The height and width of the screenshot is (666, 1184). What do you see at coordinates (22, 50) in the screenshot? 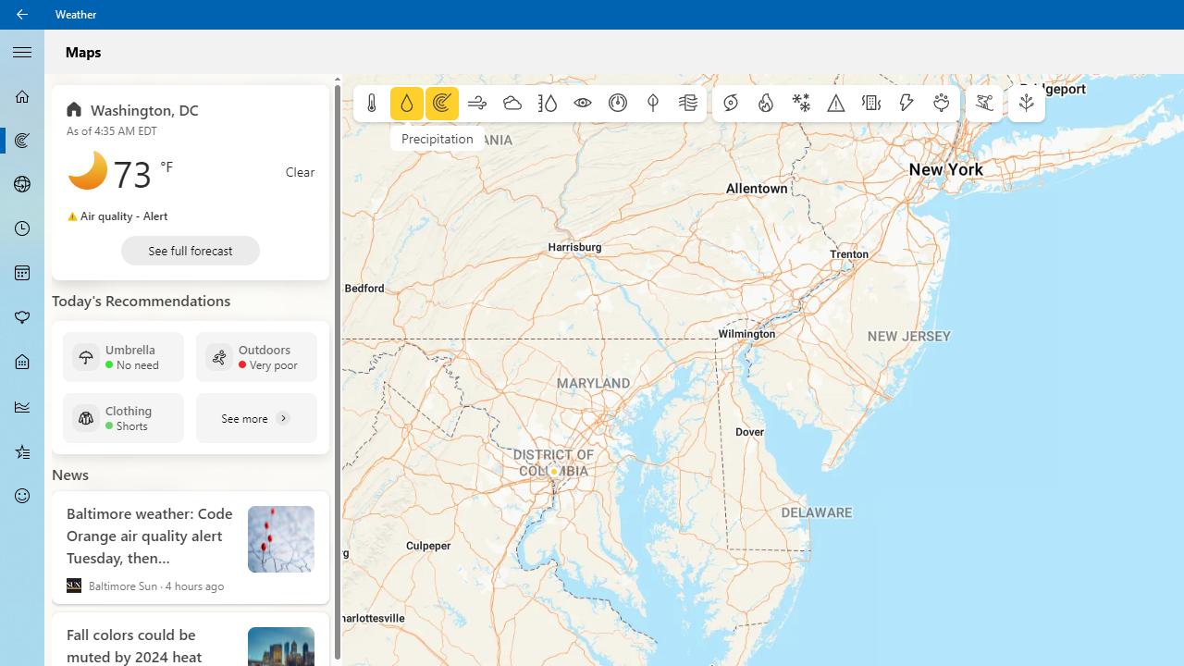
I see `'Collapse Navigation'` at bounding box center [22, 50].